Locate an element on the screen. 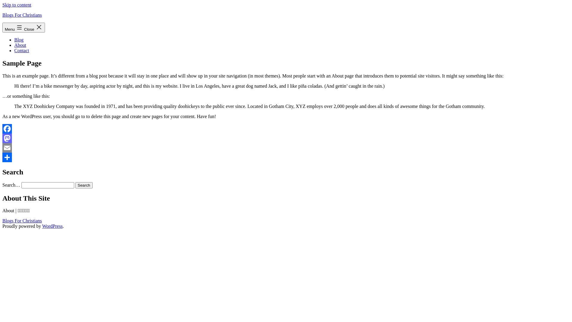 This screenshot has height=322, width=572. 'Skip to content' is located at coordinates (17, 5).